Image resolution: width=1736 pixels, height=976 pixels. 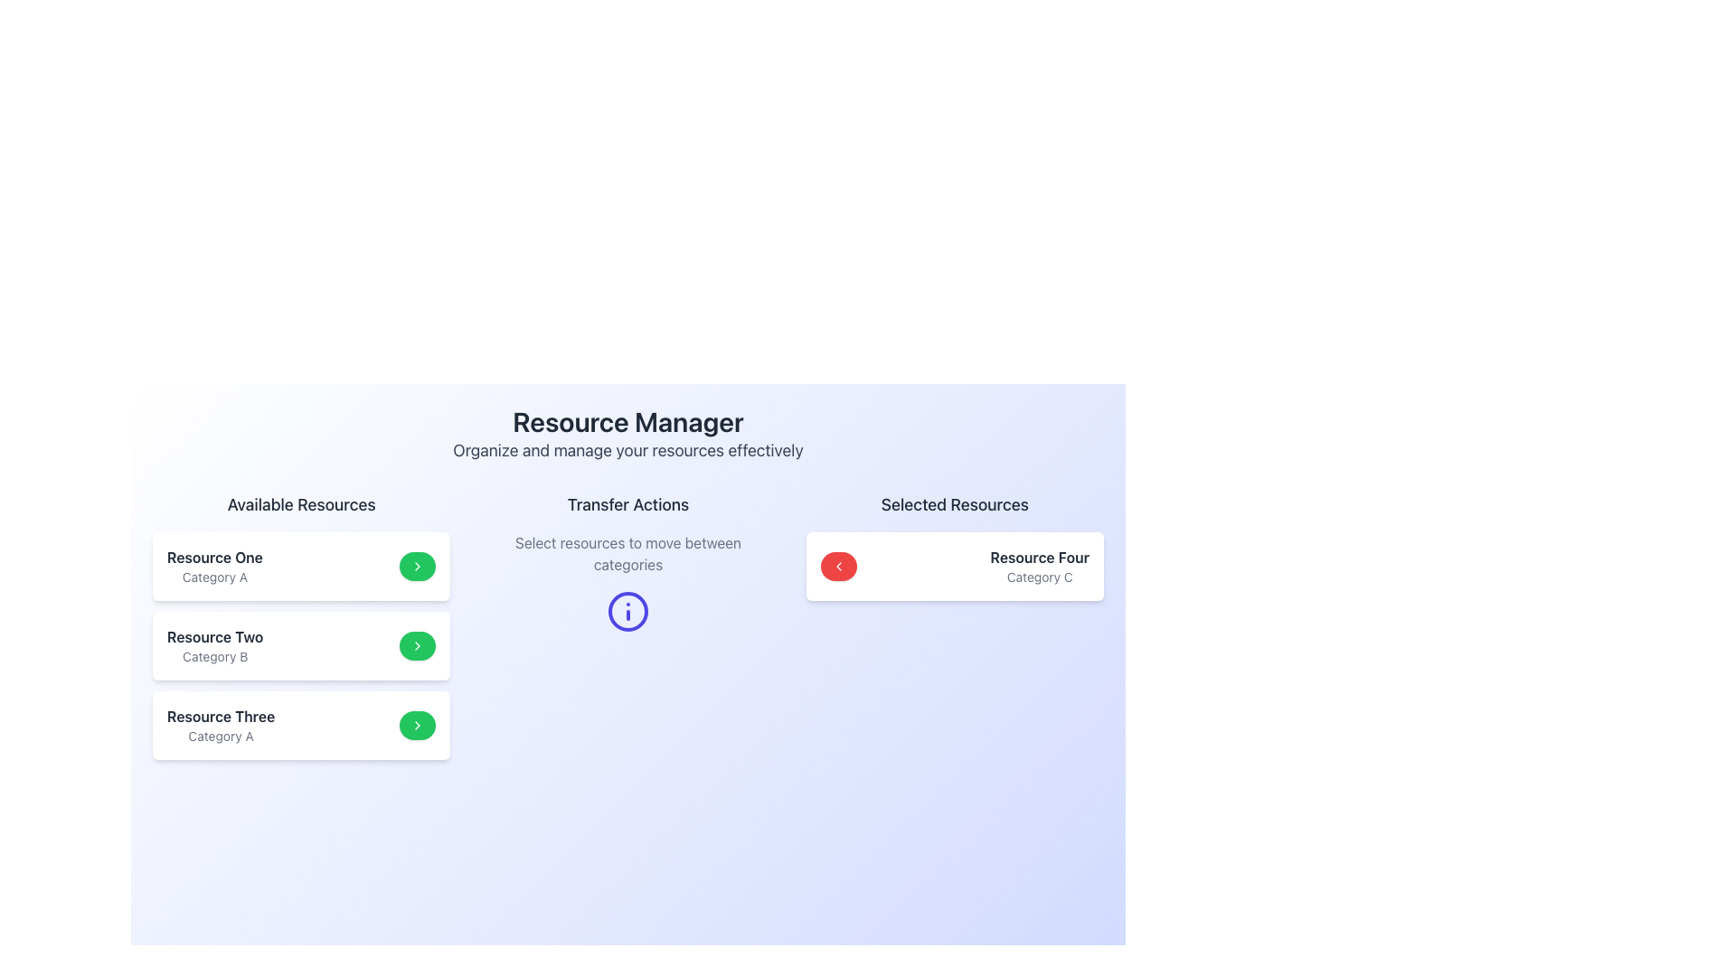 What do you see at coordinates (954, 505) in the screenshot?
I see `the 'Selected Resources' text label, which is a large, bold heading in dark gray, located in the top-right portion of the interface above the 'Resource Four' entry` at bounding box center [954, 505].